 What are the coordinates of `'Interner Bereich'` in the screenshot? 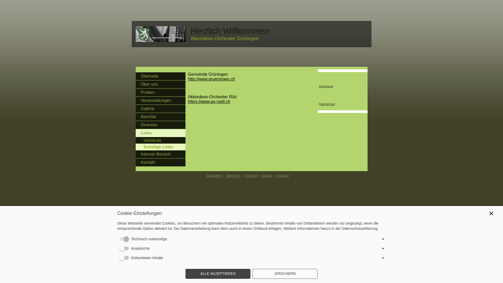 It's located at (160, 154).